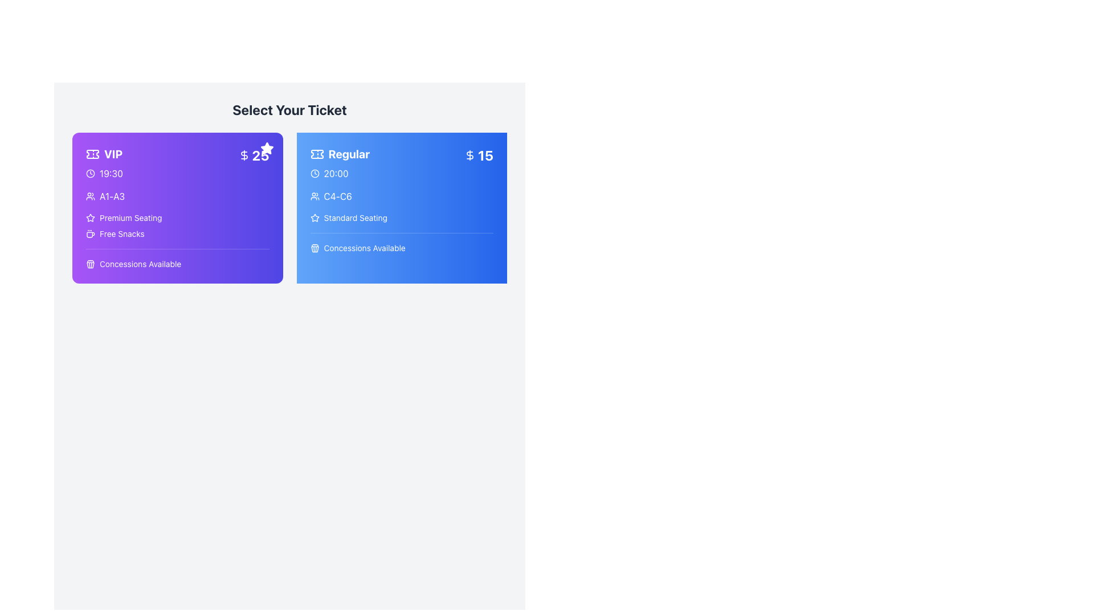 This screenshot has height=615, width=1094. Describe the element at coordinates (112, 195) in the screenshot. I see `text displayed in the white font on the purple background that indicates seating ranges, specifically the text 'A1-A3' located on the VIP ticket information card` at that location.